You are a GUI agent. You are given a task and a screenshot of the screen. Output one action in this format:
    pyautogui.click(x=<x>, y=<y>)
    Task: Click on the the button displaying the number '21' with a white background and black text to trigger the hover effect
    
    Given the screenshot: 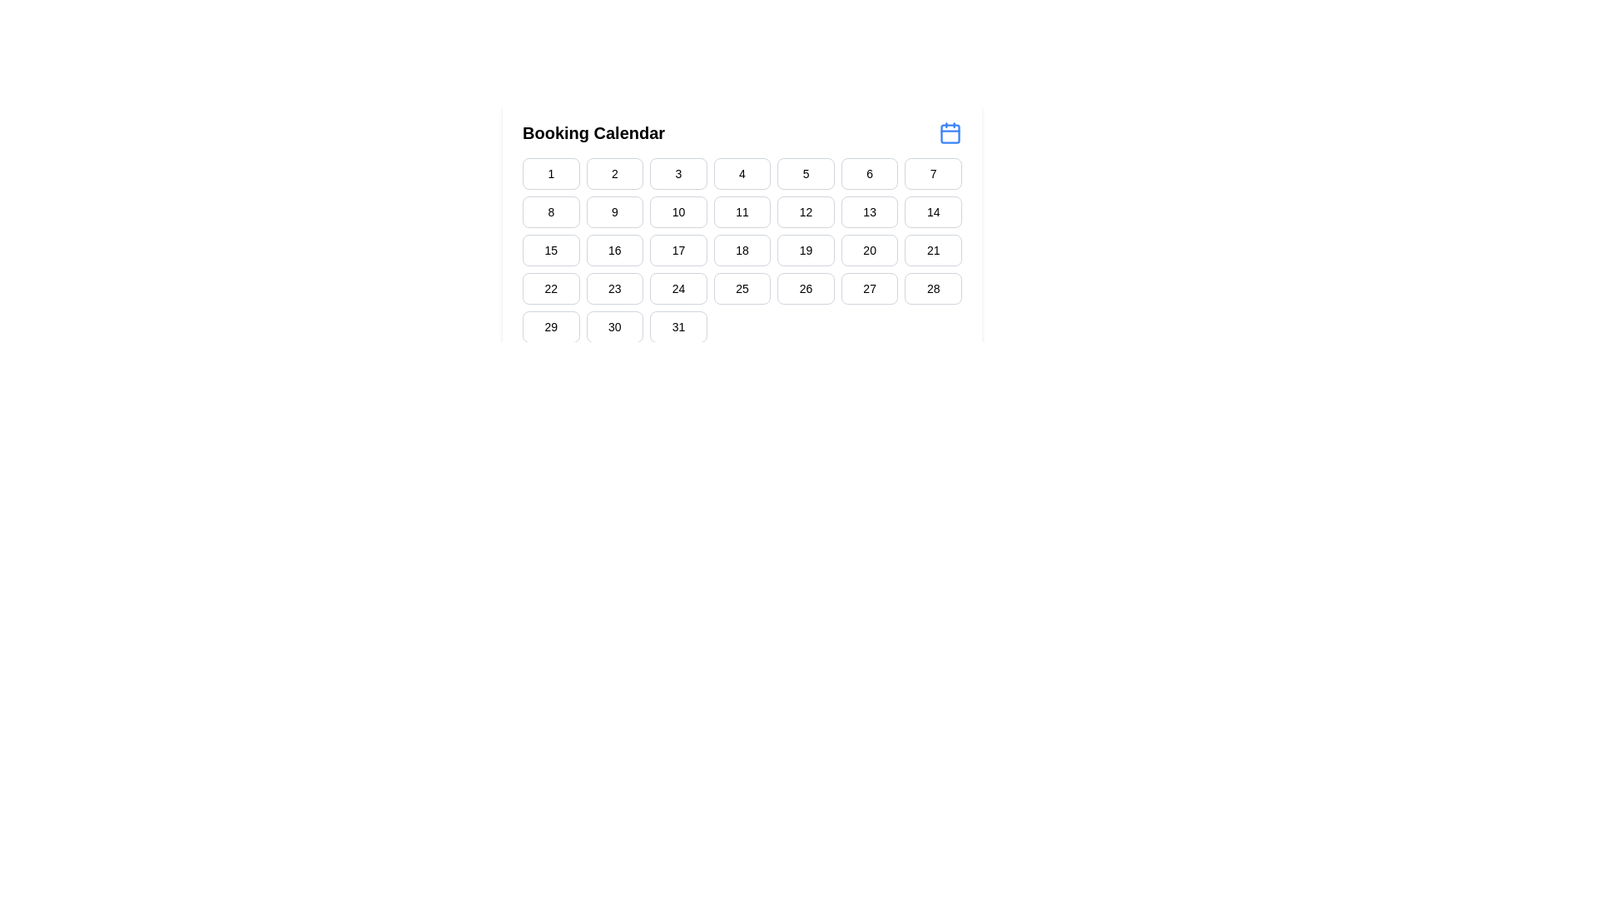 What is the action you would take?
    pyautogui.click(x=933, y=250)
    